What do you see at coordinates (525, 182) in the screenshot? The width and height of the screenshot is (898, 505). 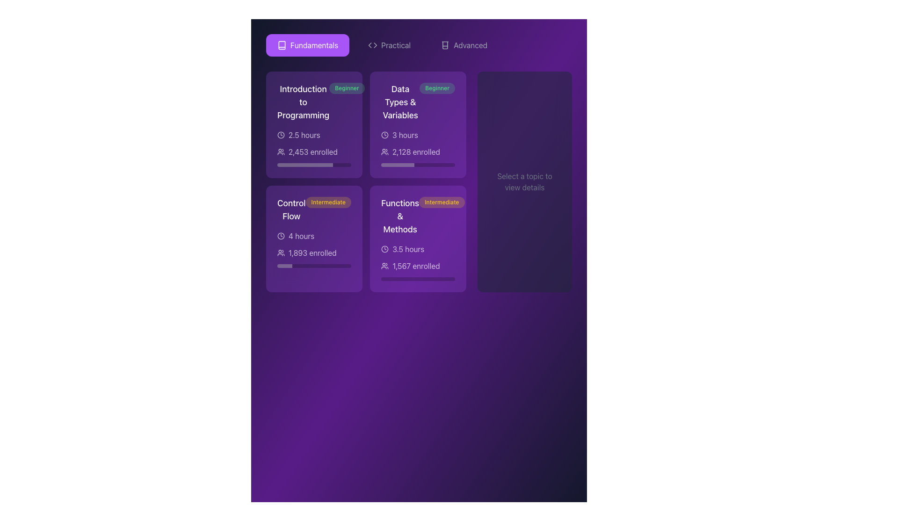 I see `the text label that says 'Select a topic` at bounding box center [525, 182].